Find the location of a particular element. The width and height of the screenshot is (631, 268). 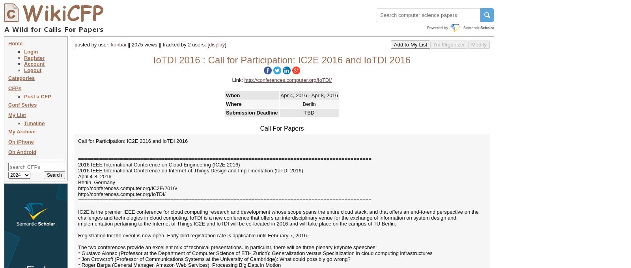

'posted by user:' is located at coordinates (93, 44).